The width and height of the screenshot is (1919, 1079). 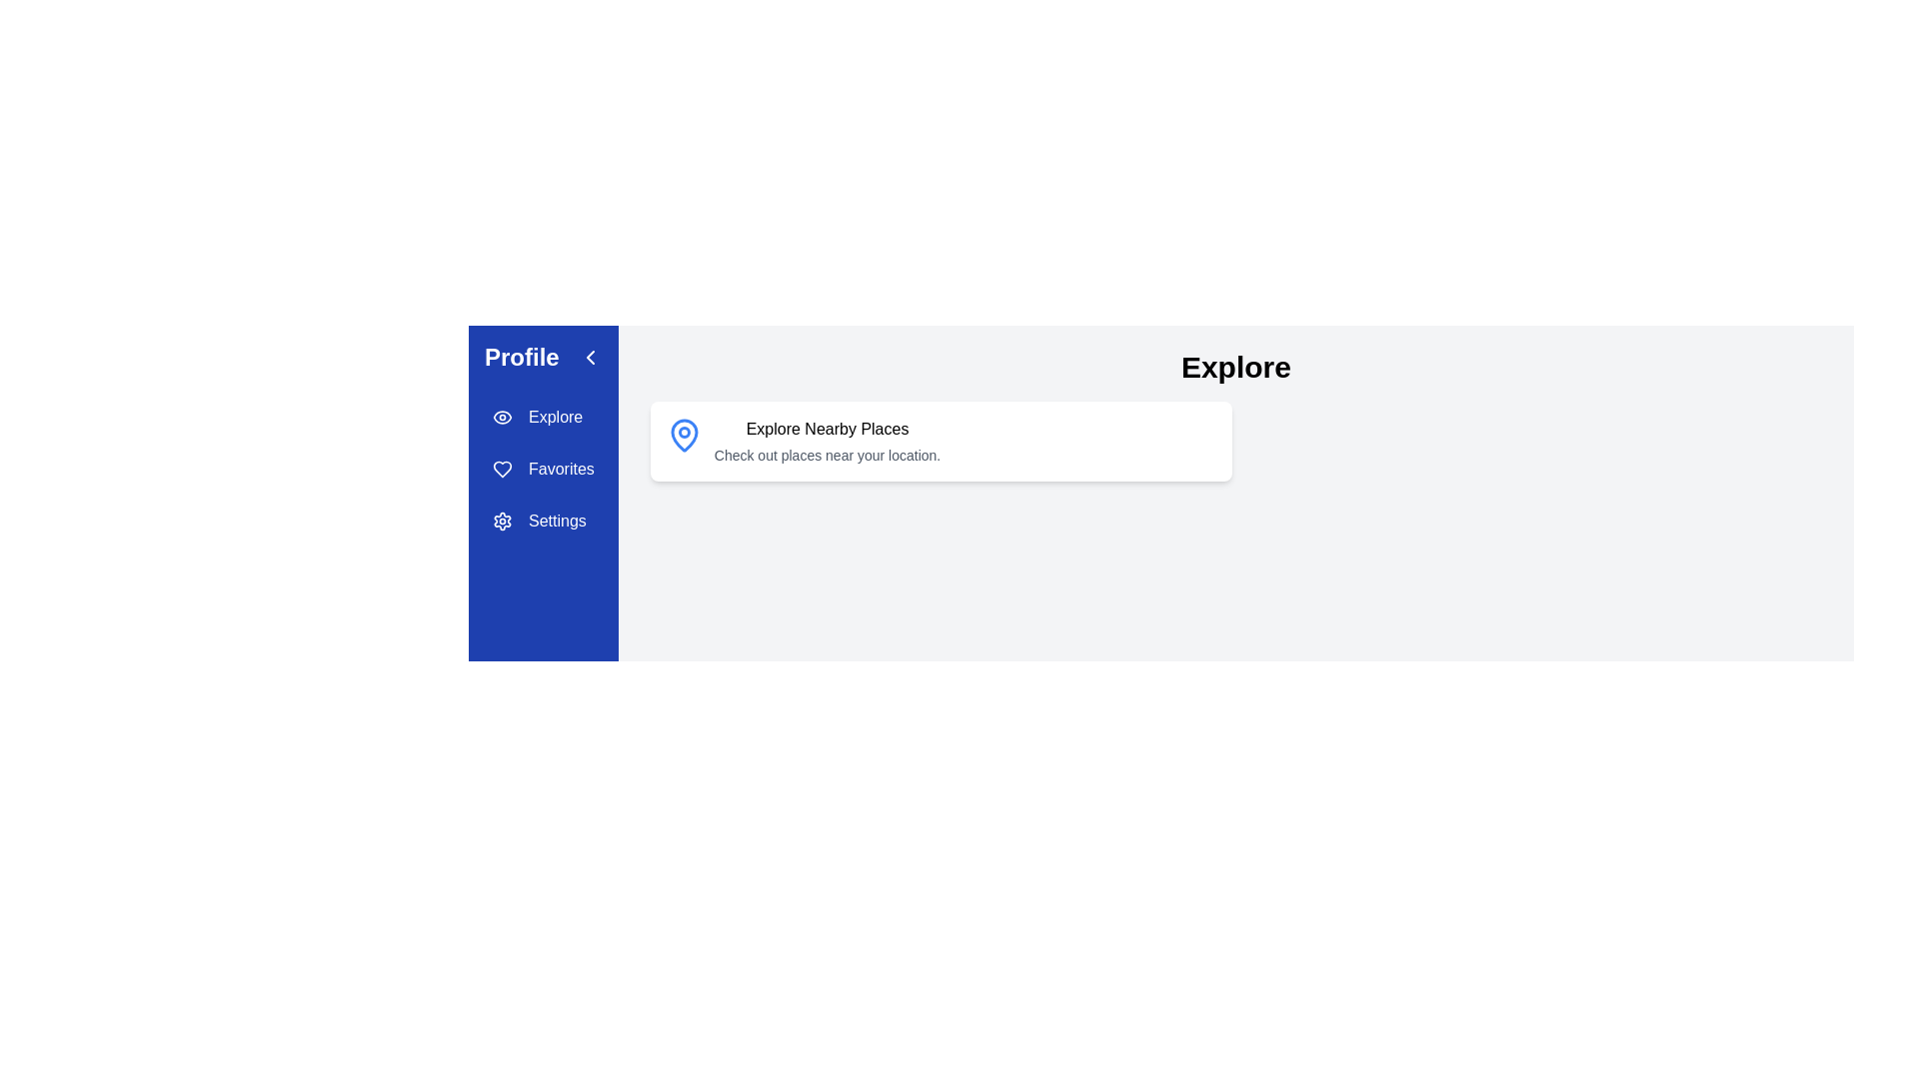 What do you see at coordinates (589, 357) in the screenshot?
I see `the Chevron icon located at the top-right corner of the blue sidebar section, positioned directly to the right of the 'Profile' title text` at bounding box center [589, 357].